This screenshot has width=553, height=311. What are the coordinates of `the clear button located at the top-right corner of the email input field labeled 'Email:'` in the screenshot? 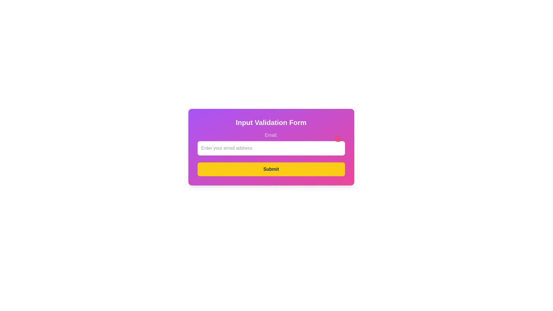 It's located at (338, 139).